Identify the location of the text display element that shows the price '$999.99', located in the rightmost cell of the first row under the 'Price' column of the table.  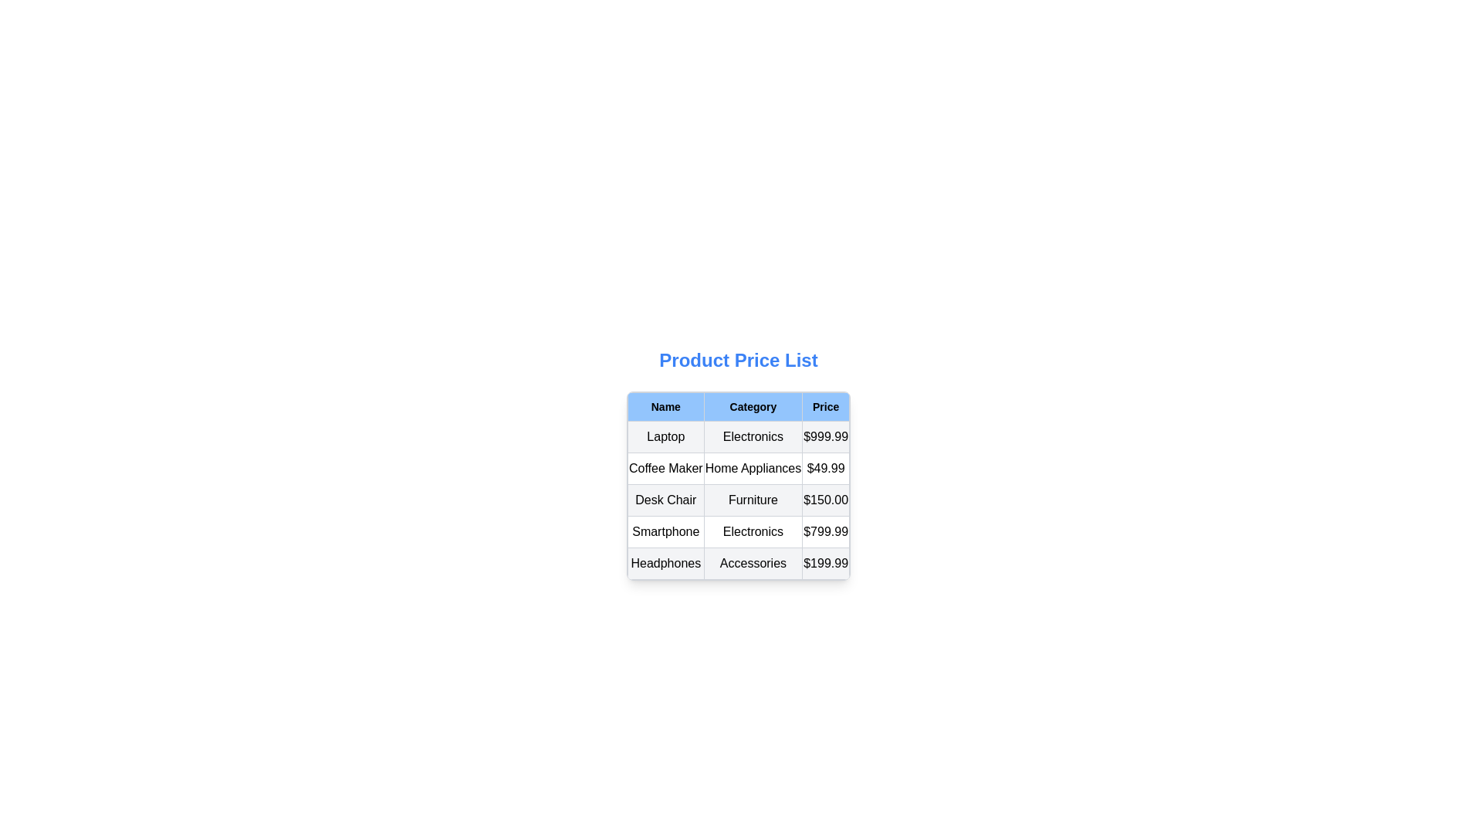
(825, 437).